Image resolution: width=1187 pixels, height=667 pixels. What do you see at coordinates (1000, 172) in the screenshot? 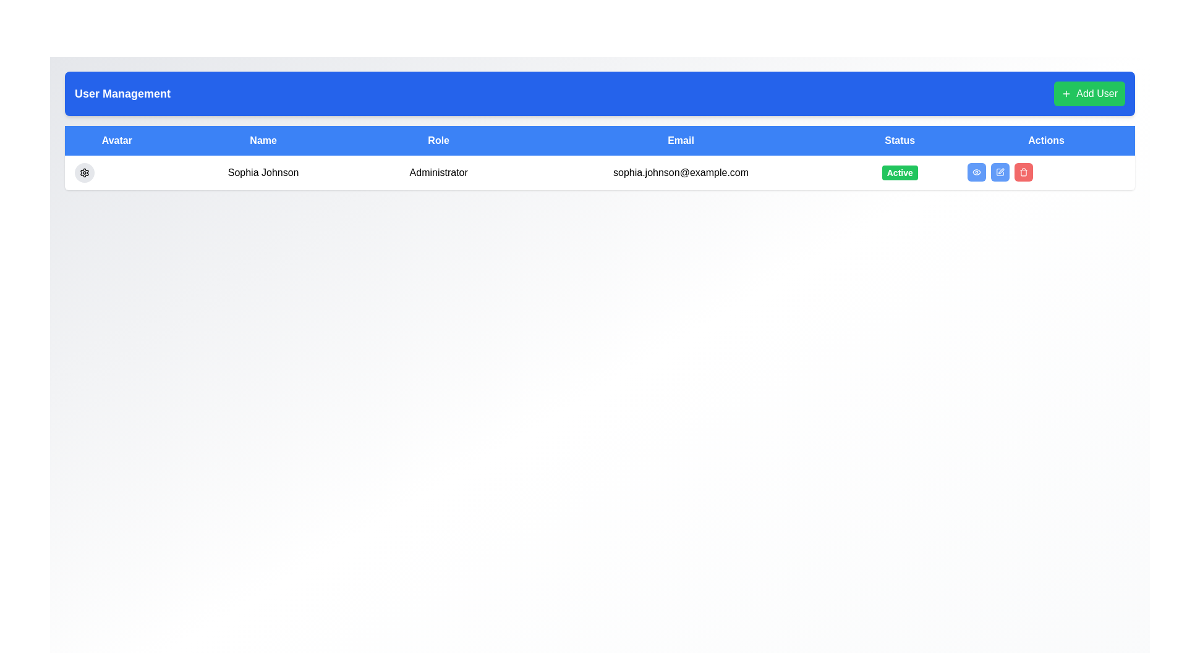
I see `the edit button located in the third column of the 'Actions' section, which is the second interactive button from the left` at bounding box center [1000, 172].